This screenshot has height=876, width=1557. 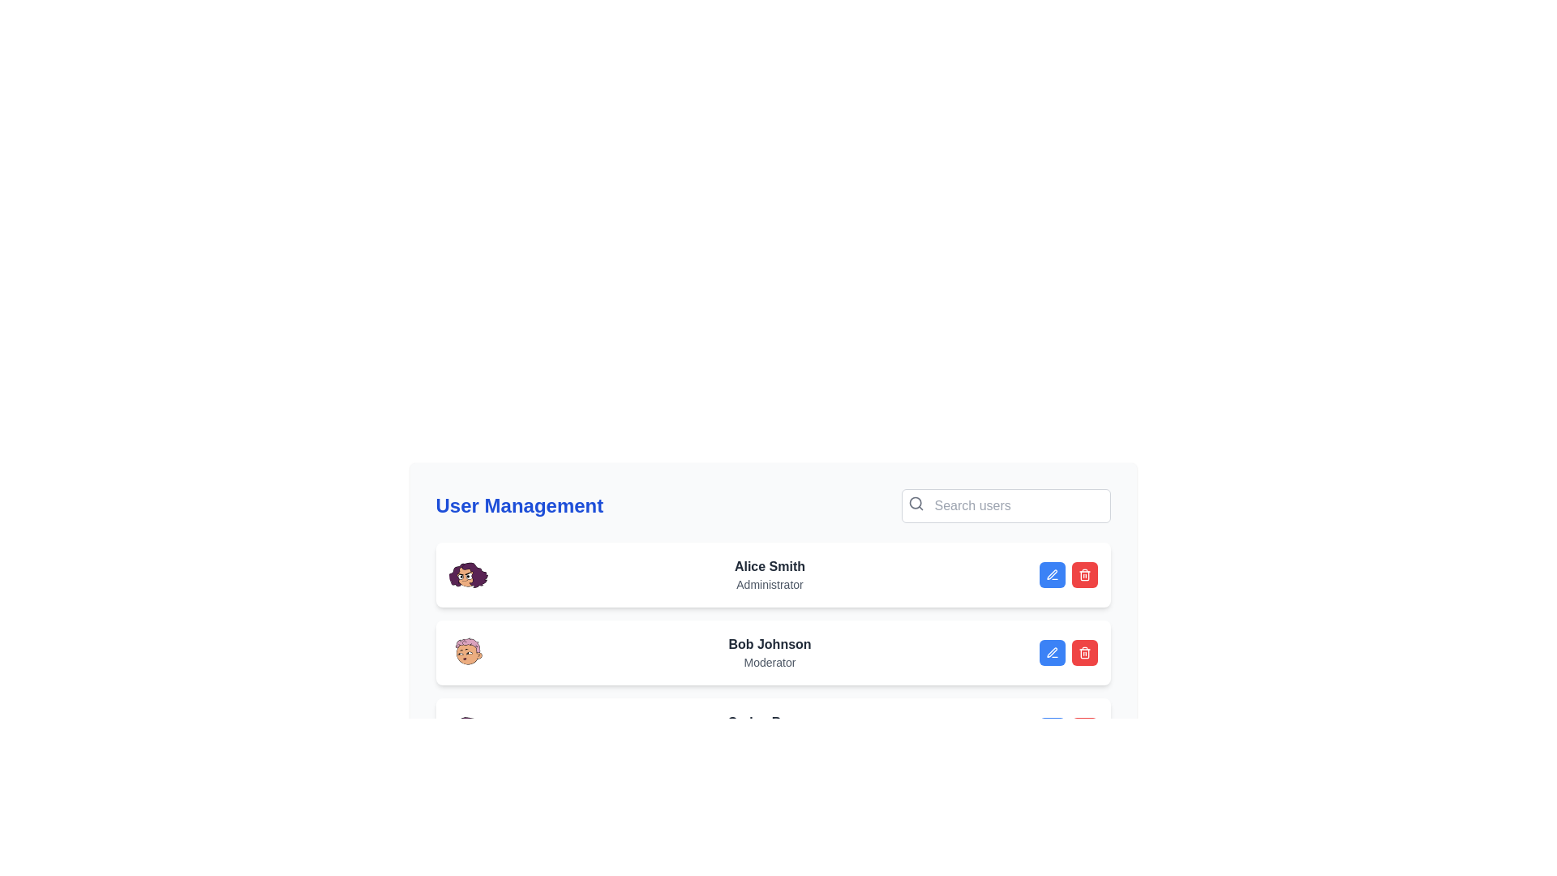 I want to click on the list item displaying 'Bob Johnson' and 'Moderator', so click(x=772, y=652).